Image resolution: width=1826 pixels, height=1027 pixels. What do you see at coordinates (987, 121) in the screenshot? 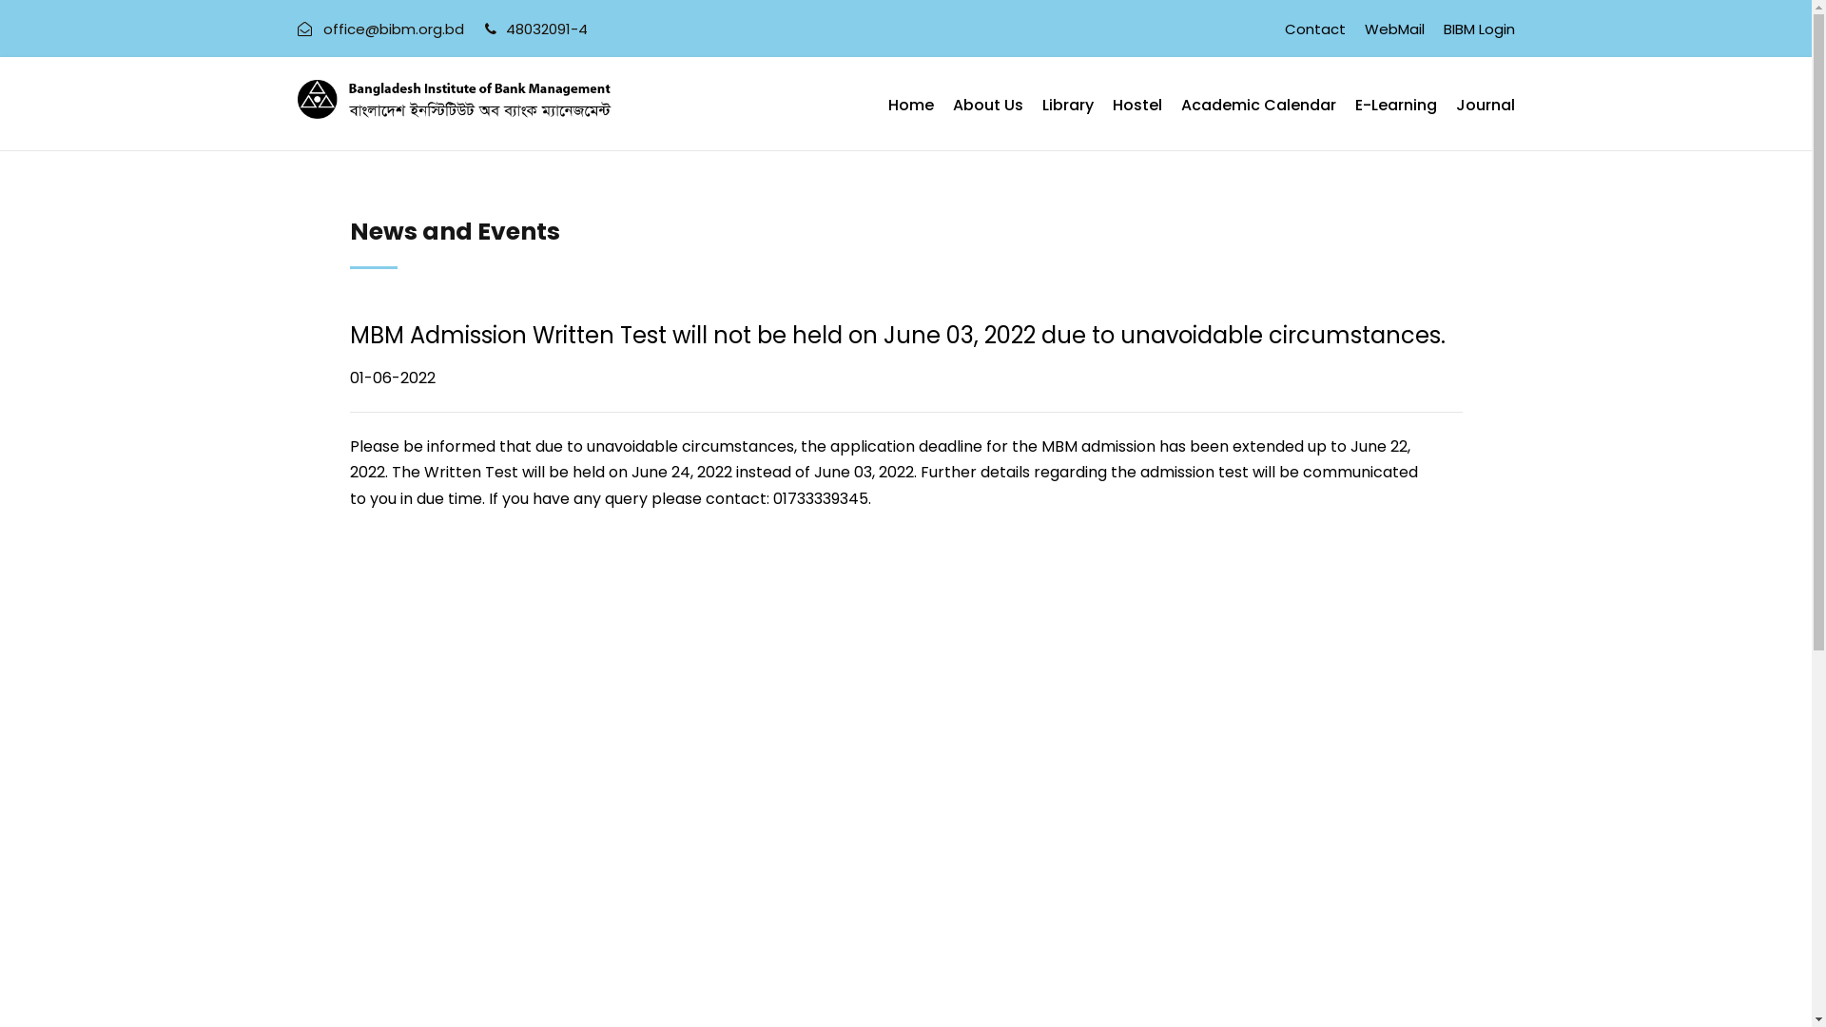
I see `'About Us'` at bounding box center [987, 121].